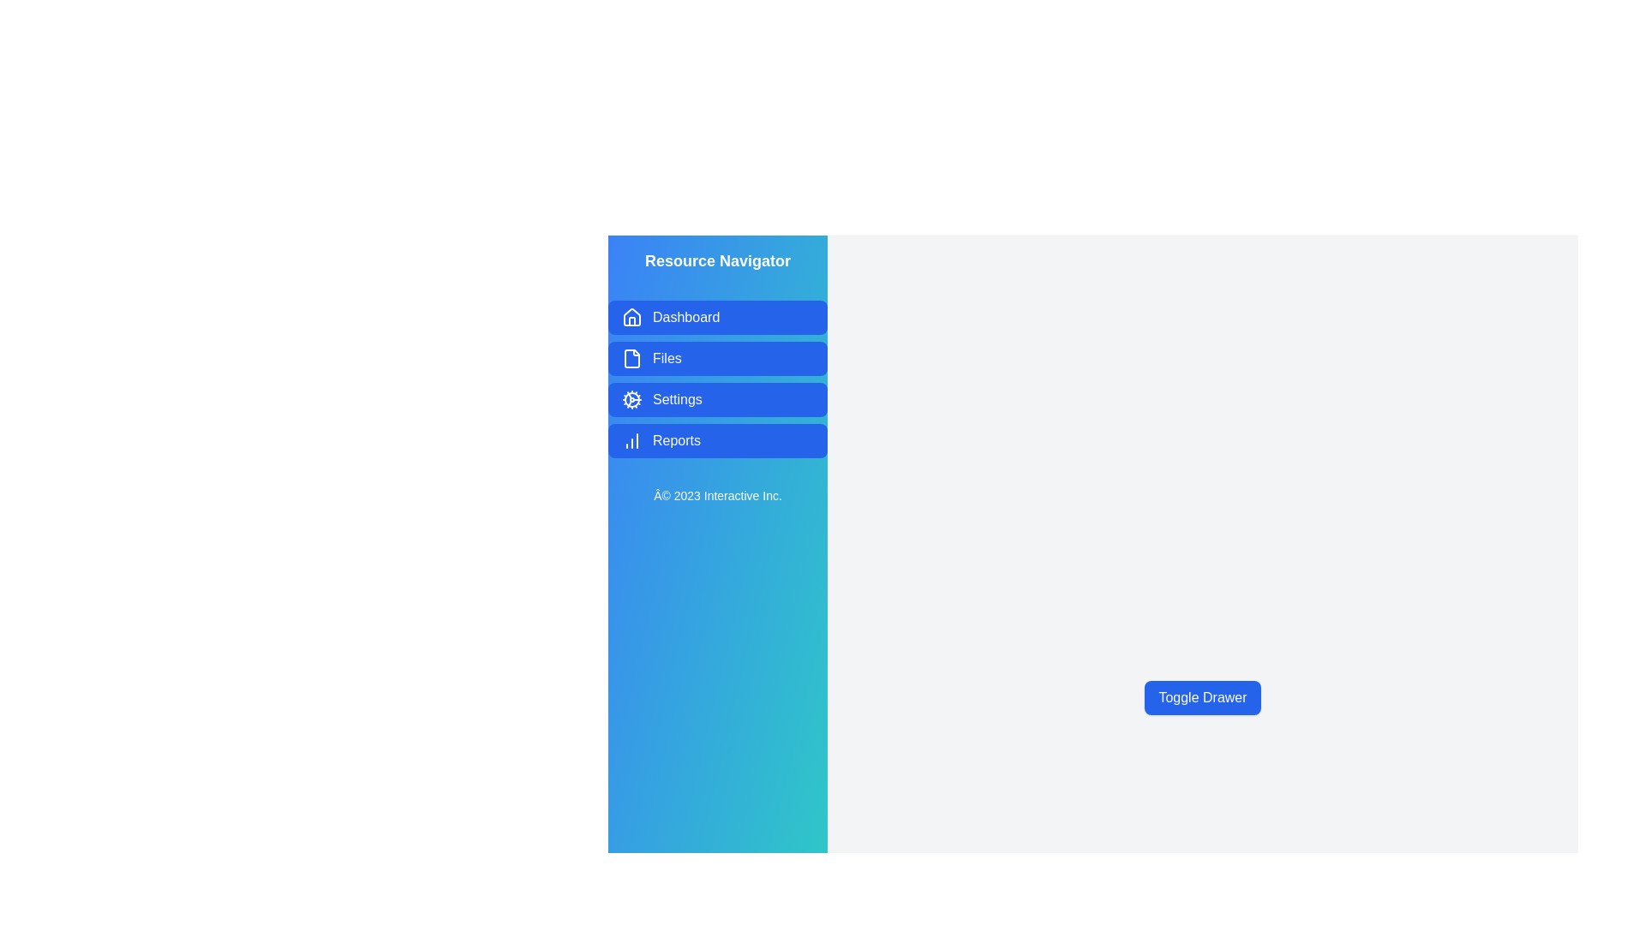 The width and height of the screenshot is (1645, 925). Describe the element at coordinates (718, 317) in the screenshot. I see `the navigation item labeled Dashboard` at that location.